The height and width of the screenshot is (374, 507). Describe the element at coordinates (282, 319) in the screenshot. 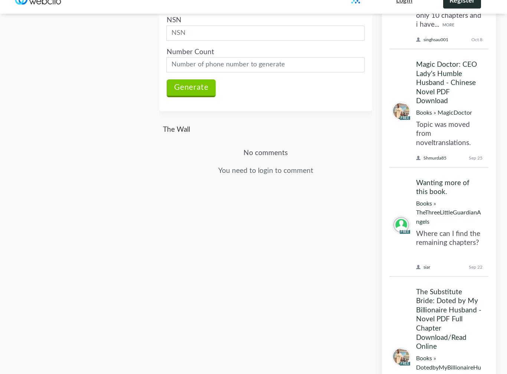

I see `'Privacy Policy'` at that location.